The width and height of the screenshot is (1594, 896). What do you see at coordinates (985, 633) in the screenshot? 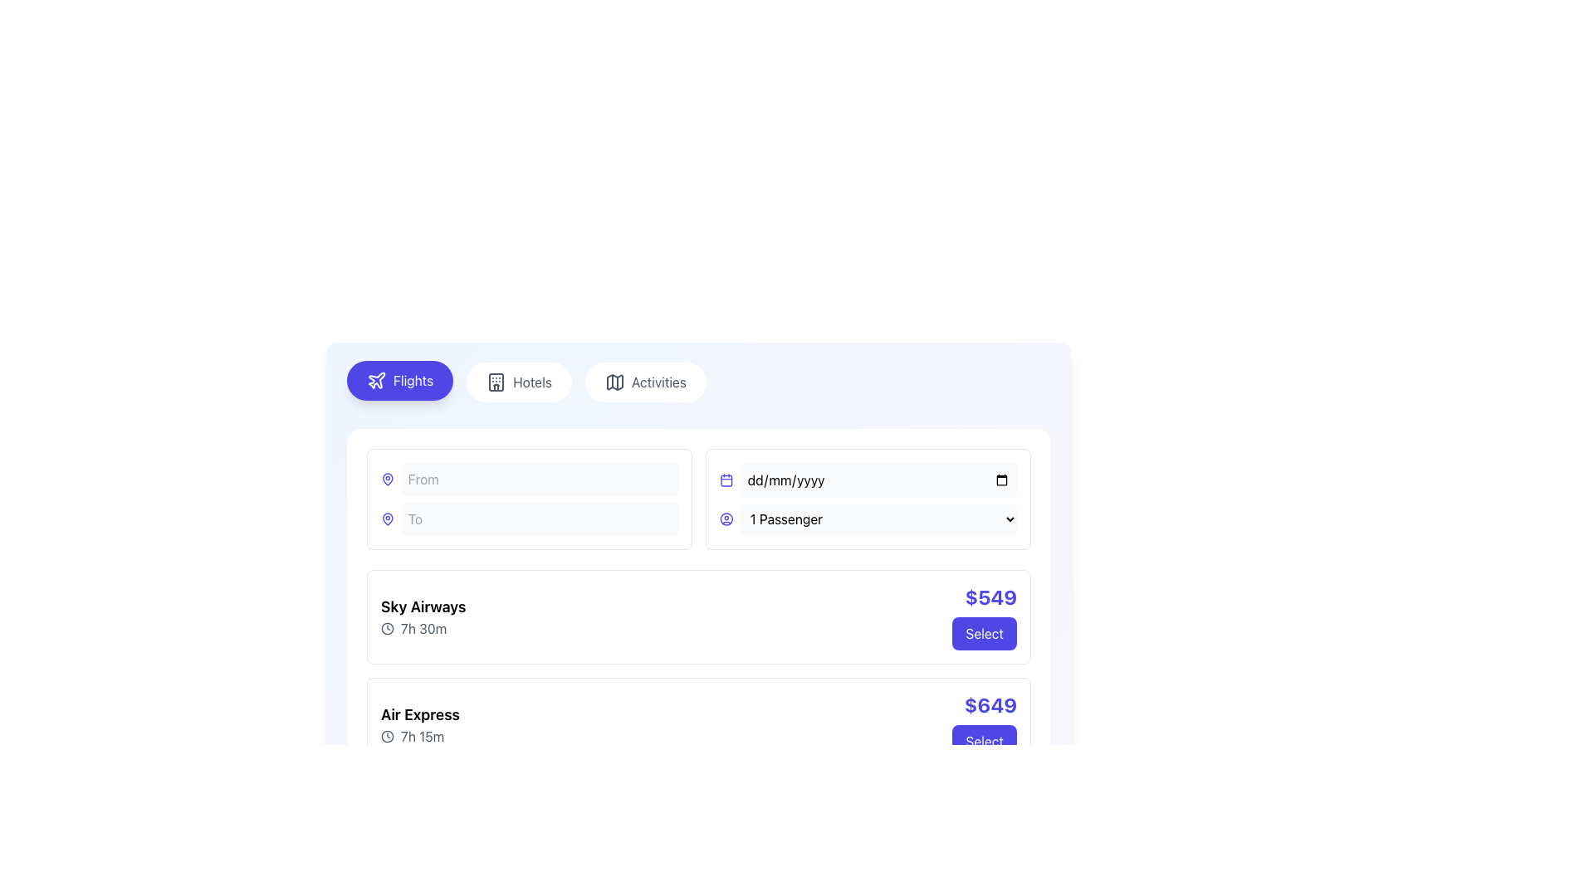
I see `the 'Select' button with rounded edges and a dark indigo background, located underneath the '$549' label in the flight selection interface` at bounding box center [985, 633].